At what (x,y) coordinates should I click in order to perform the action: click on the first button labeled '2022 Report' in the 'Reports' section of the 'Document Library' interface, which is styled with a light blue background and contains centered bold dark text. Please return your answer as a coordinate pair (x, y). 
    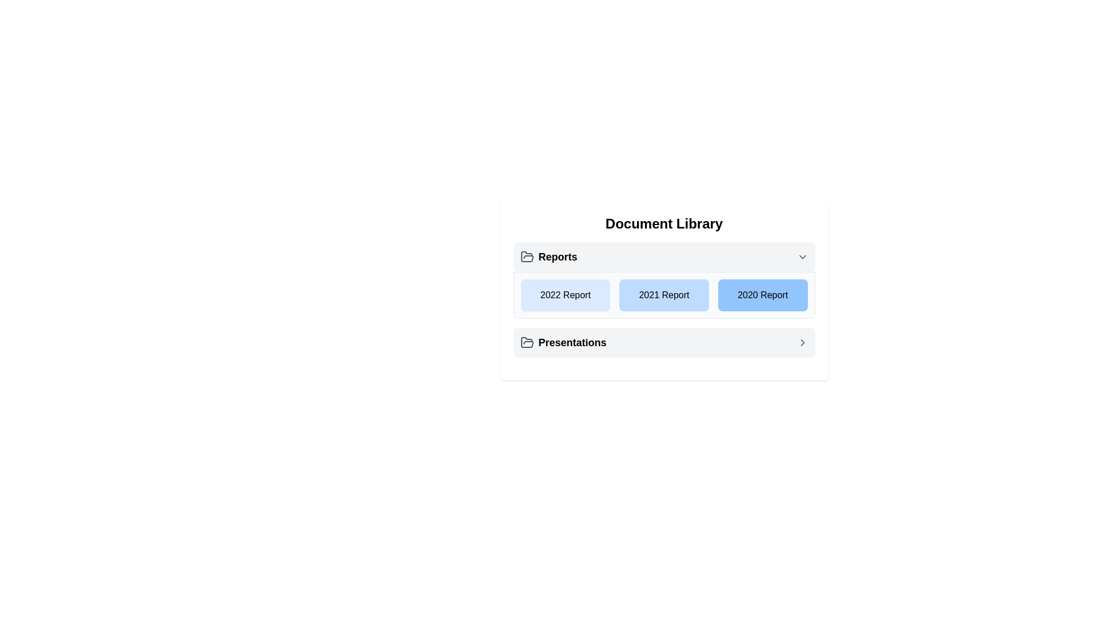
    Looking at the image, I should click on (565, 294).